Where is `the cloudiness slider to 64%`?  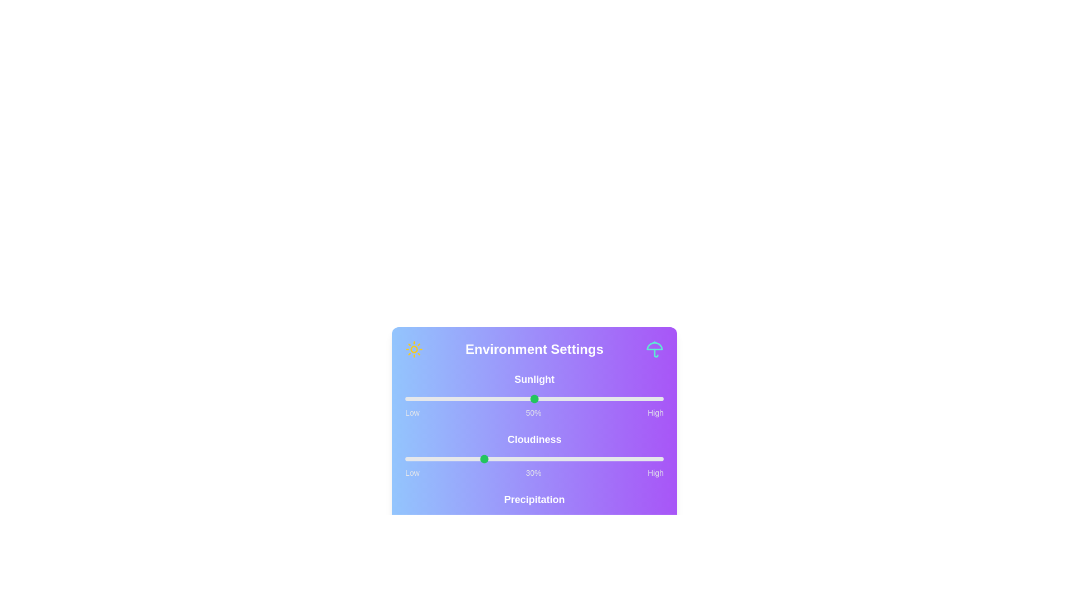 the cloudiness slider to 64% is located at coordinates (570, 459).